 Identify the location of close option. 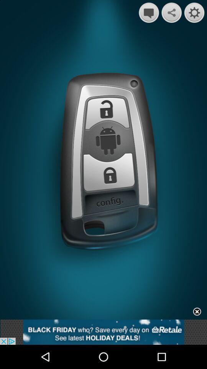
(197, 312).